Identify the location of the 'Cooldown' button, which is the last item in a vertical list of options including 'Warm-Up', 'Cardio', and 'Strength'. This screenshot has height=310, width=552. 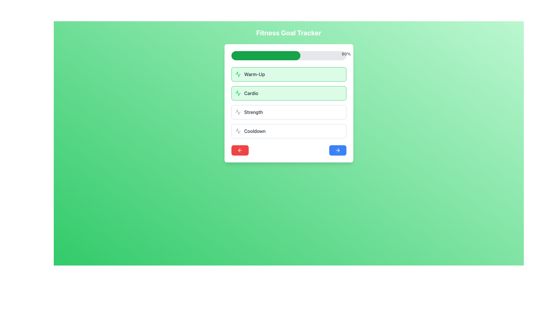
(289, 131).